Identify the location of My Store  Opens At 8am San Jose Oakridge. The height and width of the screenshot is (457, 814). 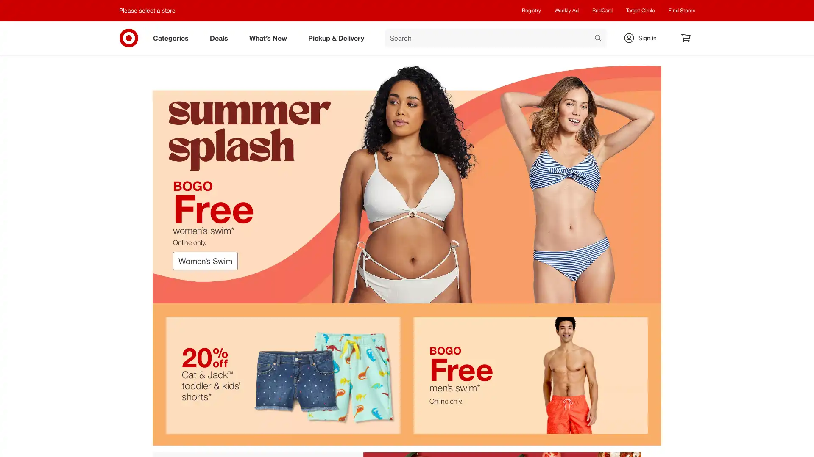
(150, 10).